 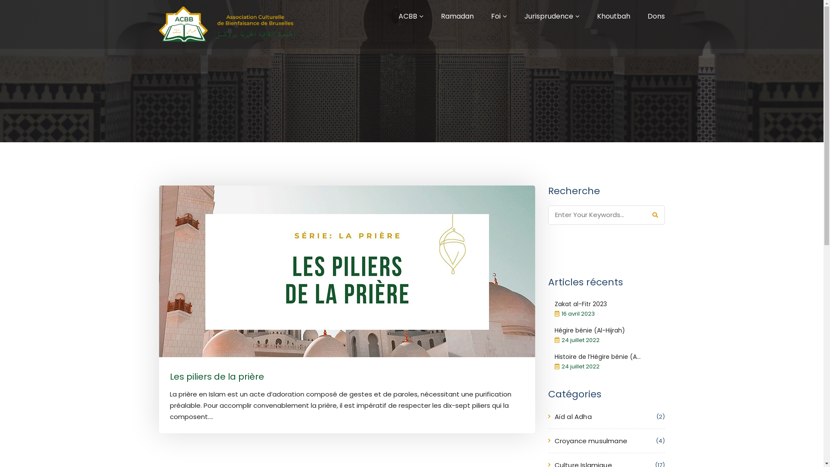 What do you see at coordinates (613, 16) in the screenshot?
I see `'Khoutbah'` at bounding box center [613, 16].